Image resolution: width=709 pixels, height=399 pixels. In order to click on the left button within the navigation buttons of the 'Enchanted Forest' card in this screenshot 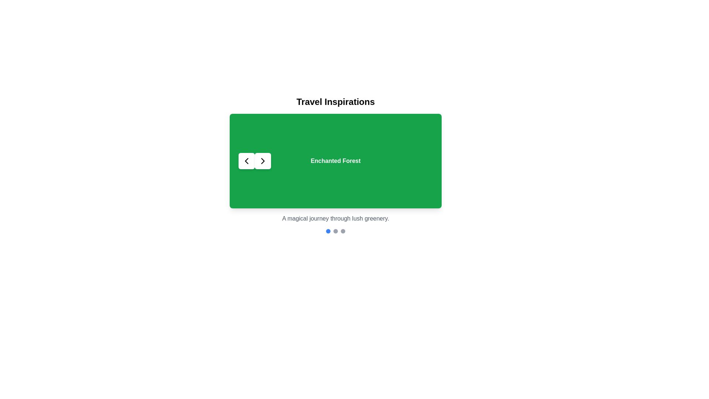, I will do `click(255, 160)`.